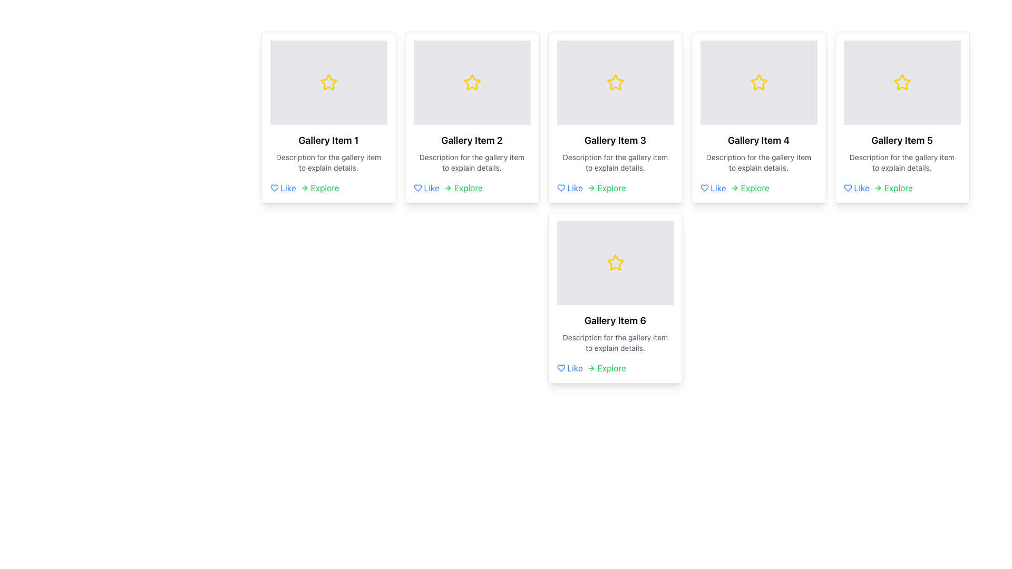 This screenshot has width=1012, height=569. What do you see at coordinates (758, 82) in the screenshot?
I see `the star-shaped icon with a yellow border located at the center of the 'Gallery Item 4' card` at bounding box center [758, 82].